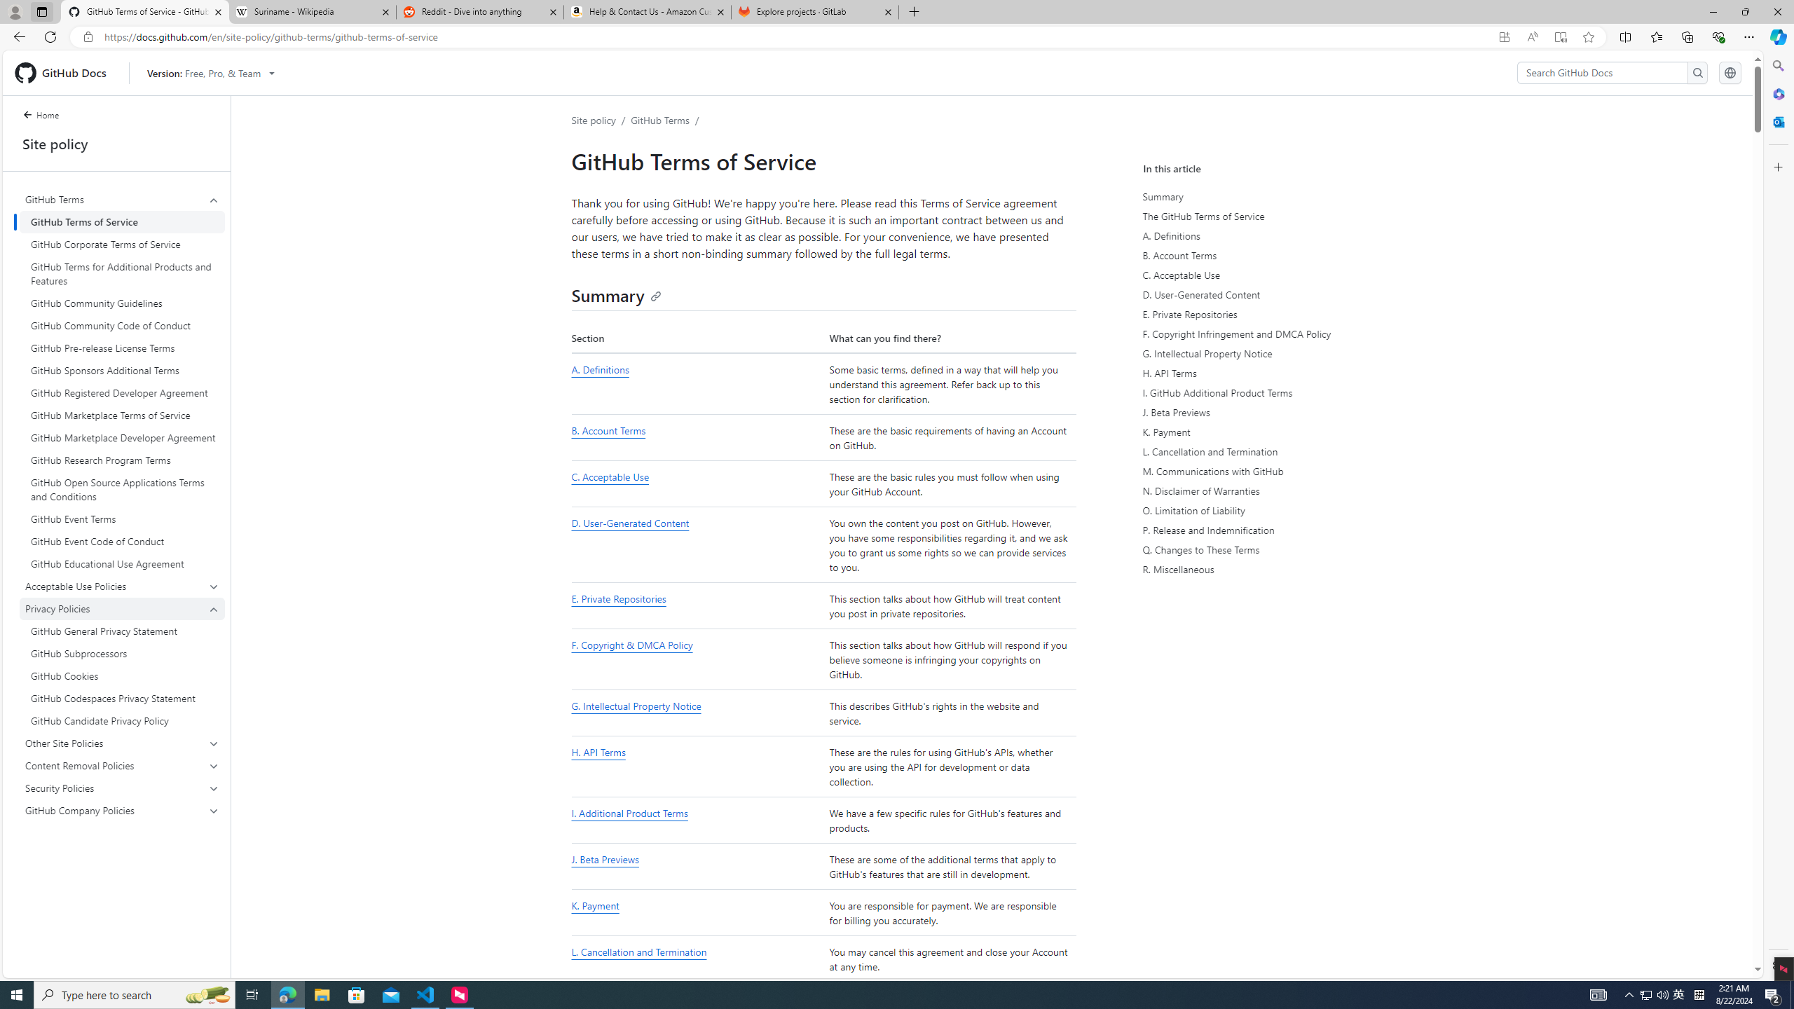 The image size is (1794, 1009). I want to click on 'GitHub Terms for Additional Products and Features', so click(122, 273).